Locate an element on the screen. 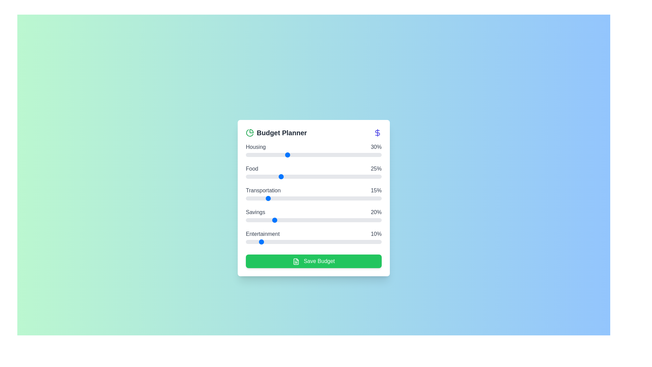  the 'Housing' slider to 35% allocation is located at coordinates (293, 155).